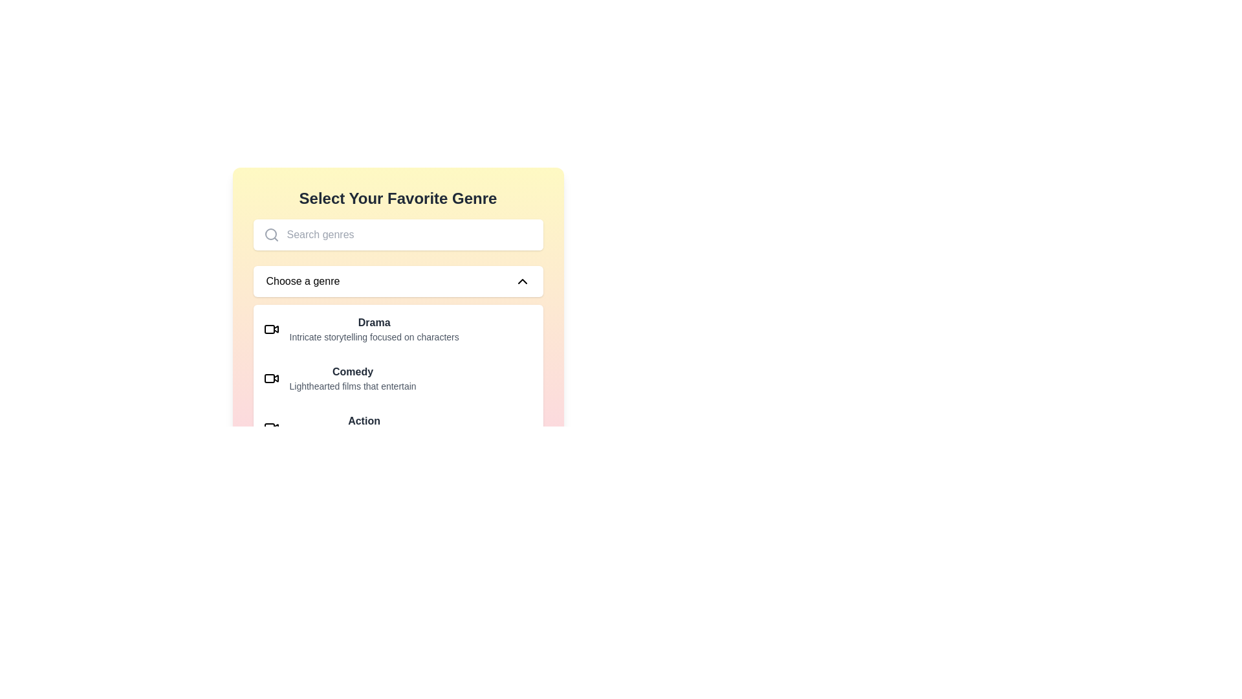 This screenshot has height=699, width=1242. What do you see at coordinates (397, 281) in the screenshot?
I see `the Dropdown trigger element which allows users to select a genre from a list, located below the 'Search genres' input field` at bounding box center [397, 281].